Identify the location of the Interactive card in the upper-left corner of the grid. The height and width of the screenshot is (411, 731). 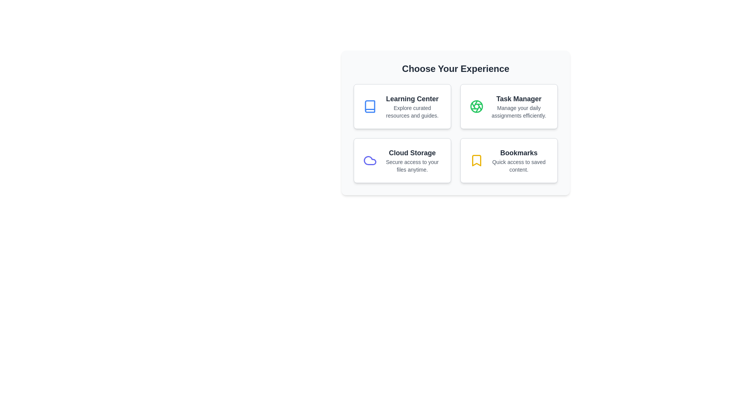
(402, 107).